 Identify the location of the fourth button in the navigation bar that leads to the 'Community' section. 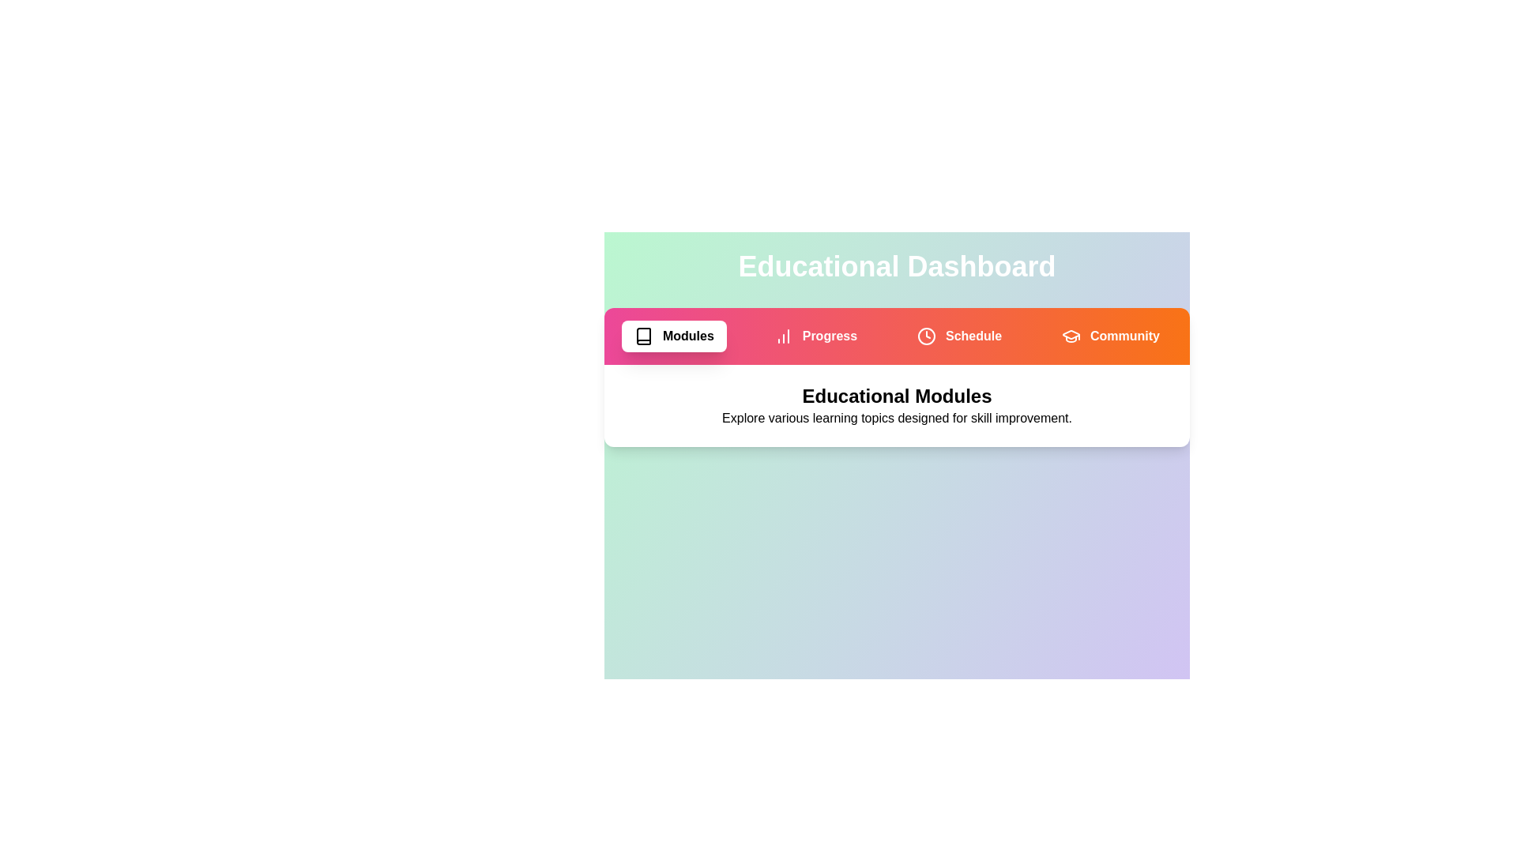
(1110, 335).